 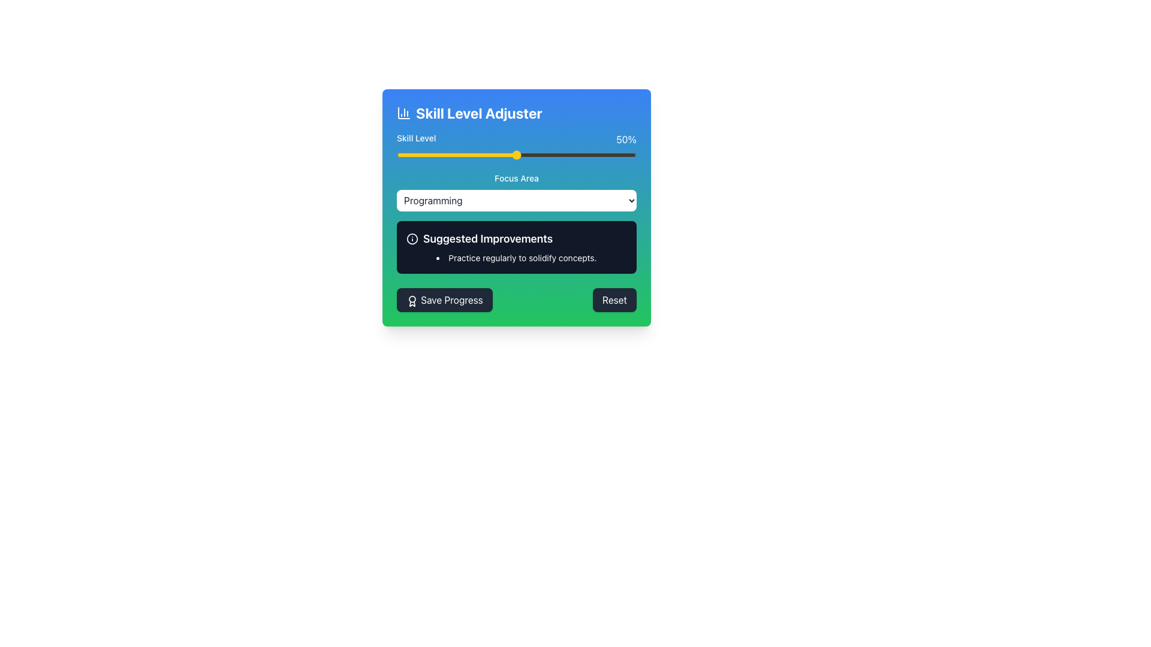 What do you see at coordinates (414, 154) in the screenshot?
I see `the skill level` at bounding box center [414, 154].